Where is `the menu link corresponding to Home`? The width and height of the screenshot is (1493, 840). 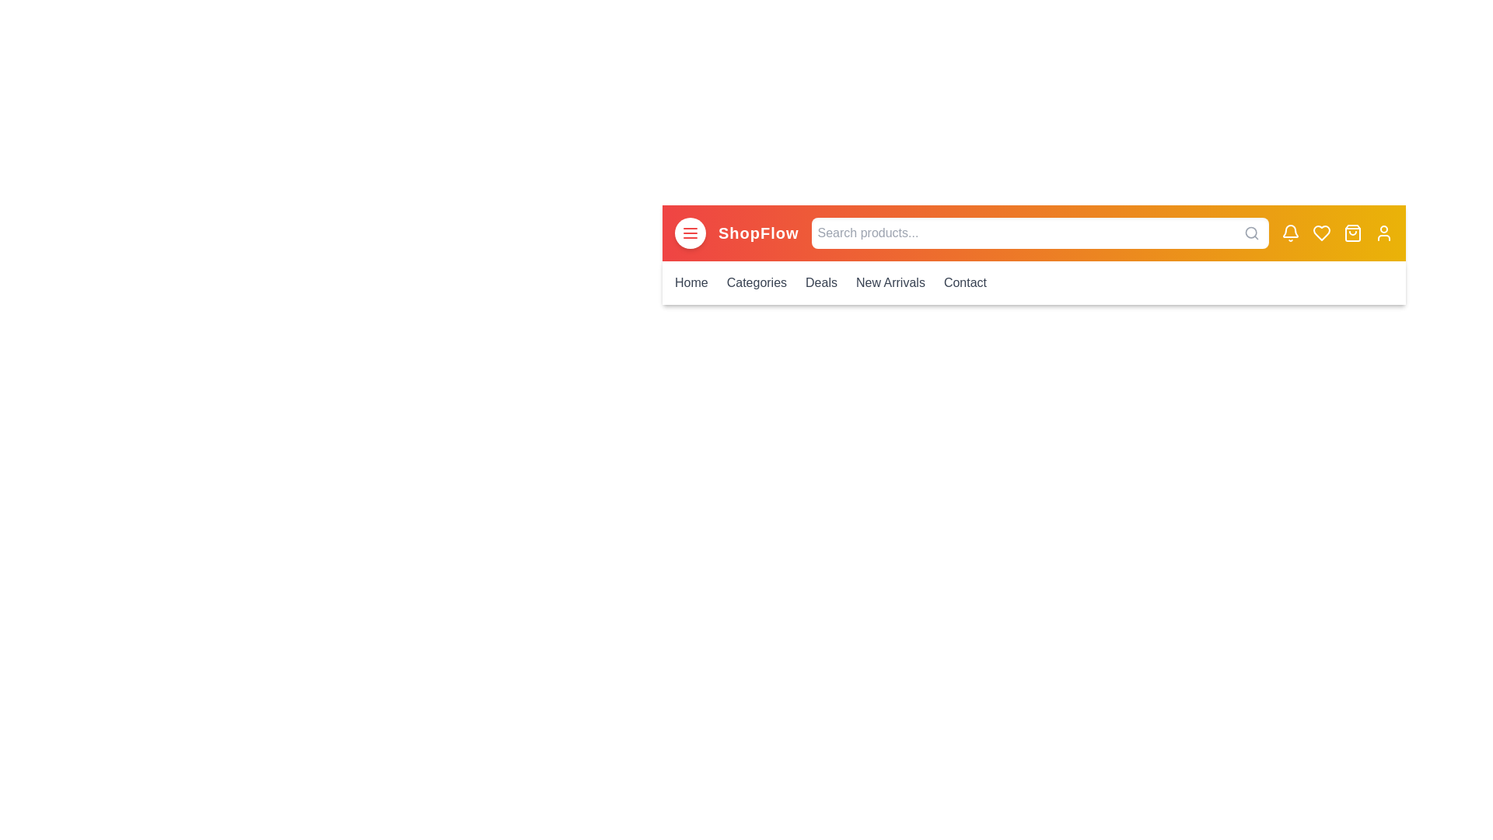
the menu link corresponding to Home is located at coordinates (690, 282).